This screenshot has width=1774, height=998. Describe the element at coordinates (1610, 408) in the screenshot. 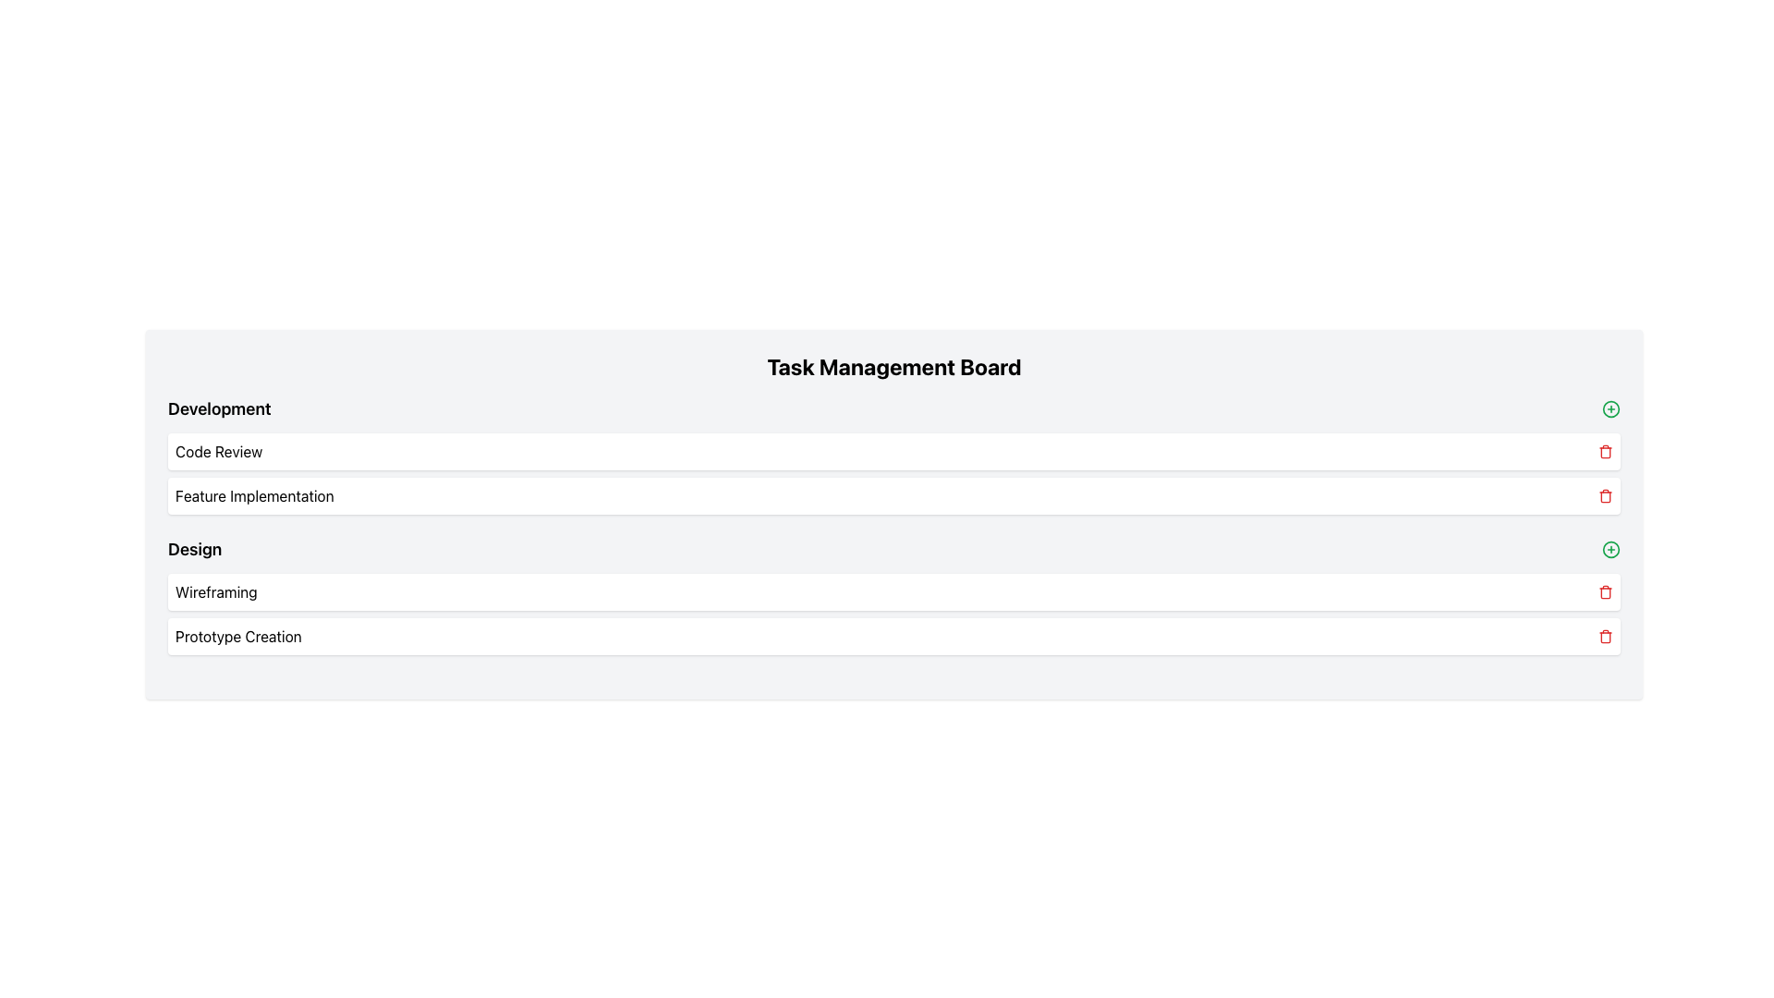

I see `the innermost circular part of the 'plus' icon located in the top-right corner of the task management board in the header section of the 'Development' category` at that location.